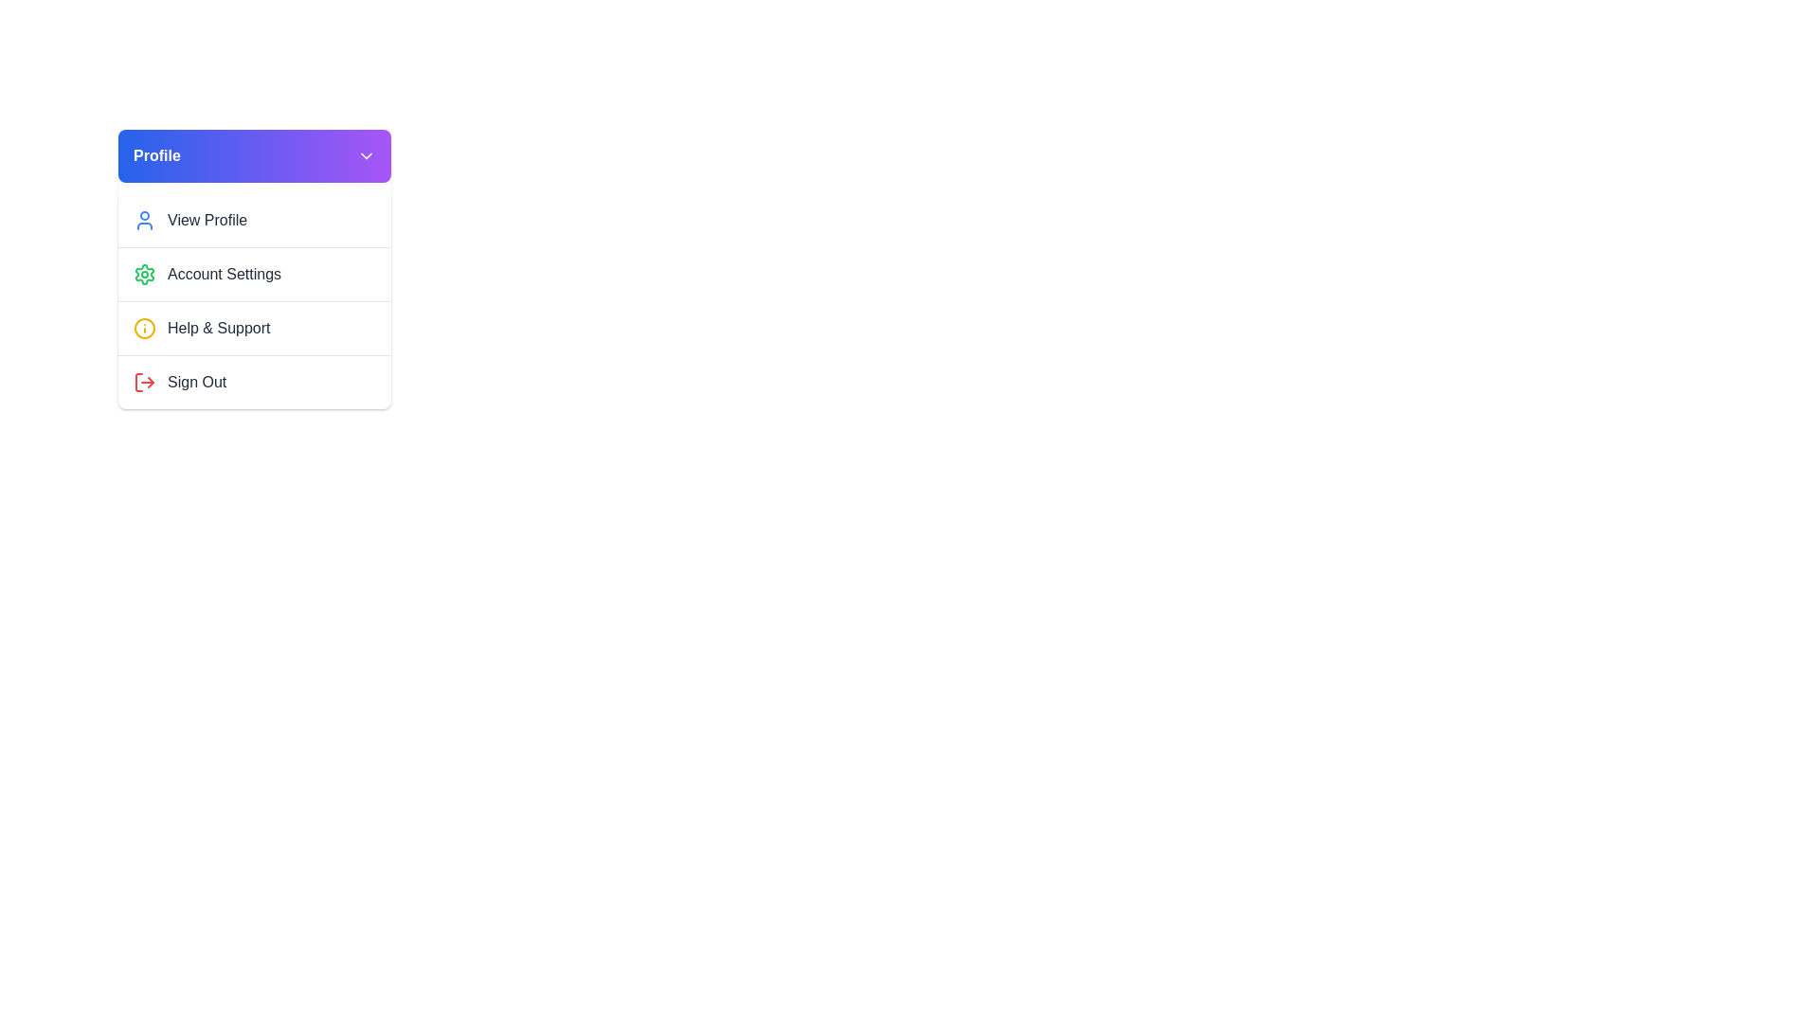 This screenshot has width=1819, height=1023. I want to click on the circular yellow icon located to the left of the 'Help & Support' menu item in the 'Profile' section, so click(144, 328).